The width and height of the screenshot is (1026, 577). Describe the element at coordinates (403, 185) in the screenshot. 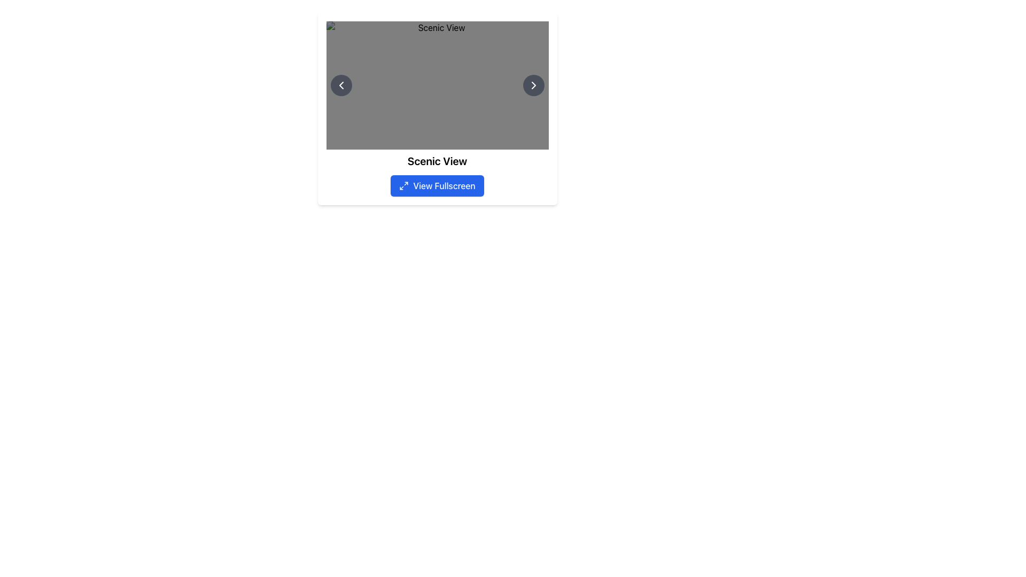

I see `the 'View Fullscreen' button icon located at the bottom of the interface, which serves as an interactive indicator for the fullscreen feature` at that location.